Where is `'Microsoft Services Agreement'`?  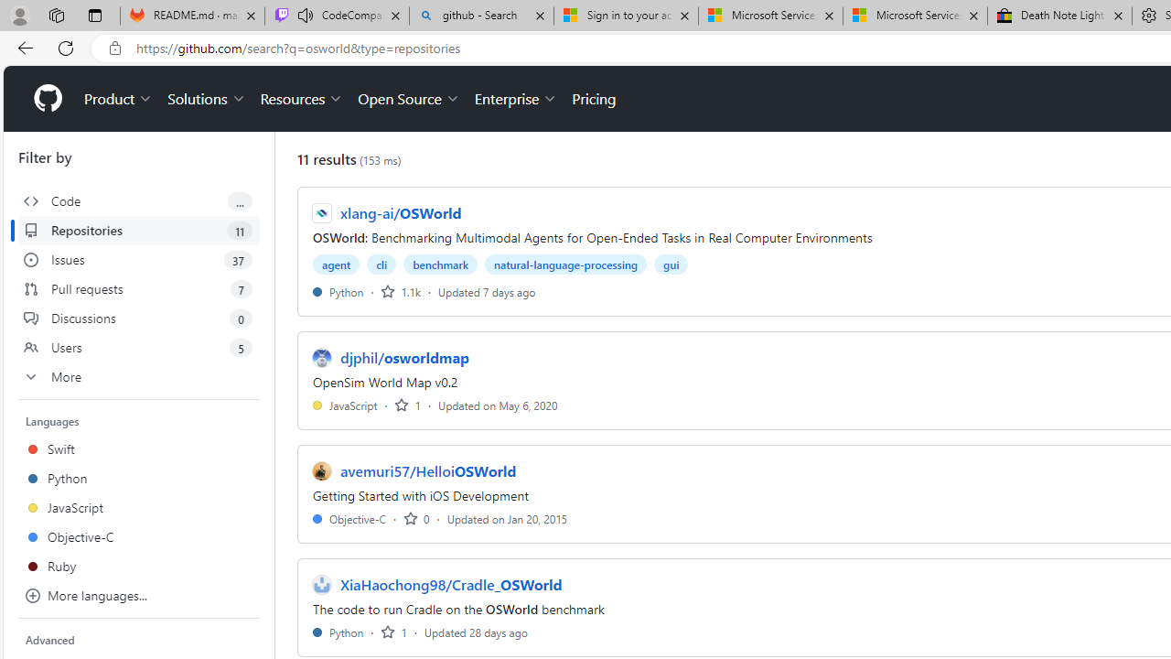 'Microsoft Services Agreement' is located at coordinates (915, 16).